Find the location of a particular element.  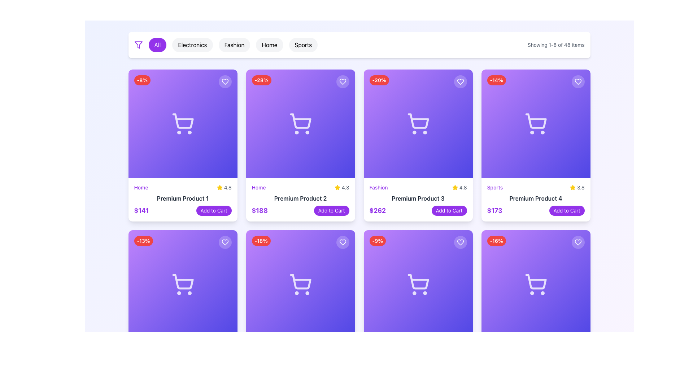

the primary icon located in the product image section of the product card, which visually indicates a discount offer is located at coordinates (300, 284).